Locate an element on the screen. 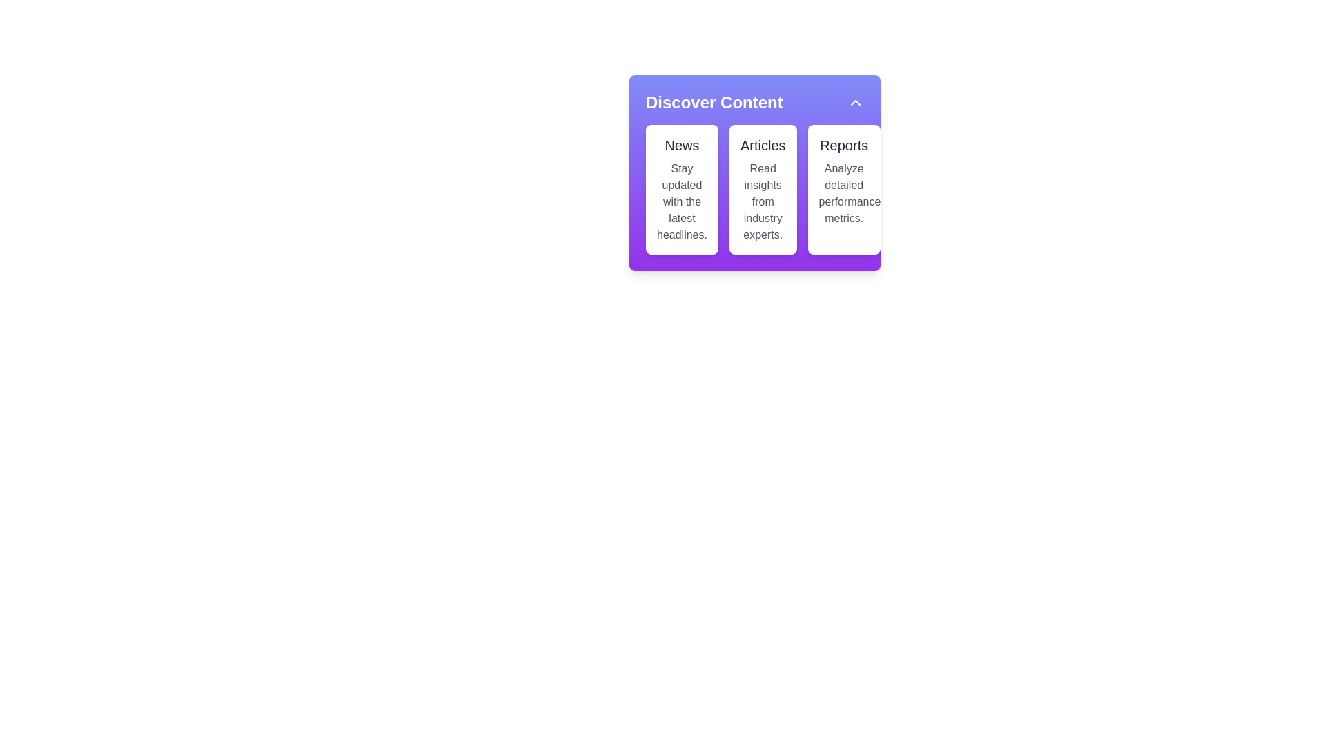  the interactive icon is located at coordinates (854, 102).